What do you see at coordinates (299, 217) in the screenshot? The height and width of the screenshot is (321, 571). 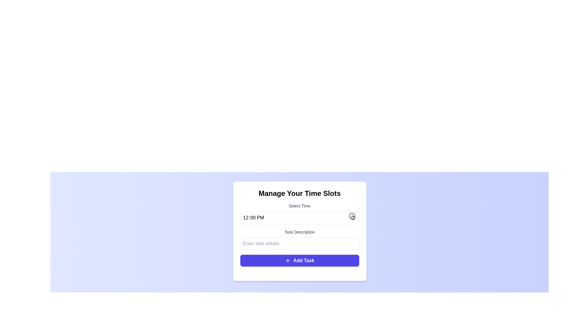 I see `from the time input field with a default value of '12:00'` at bounding box center [299, 217].